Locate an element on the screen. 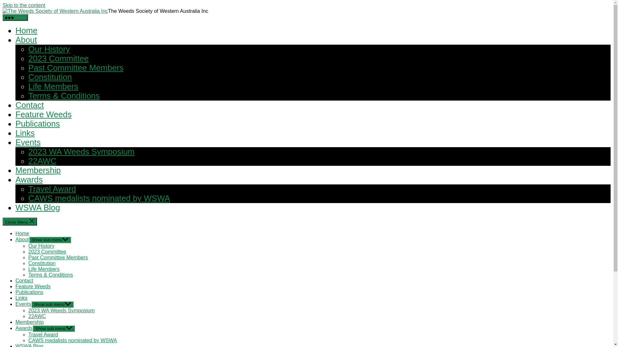  '22AWC' is located at coordinates (37, 316).